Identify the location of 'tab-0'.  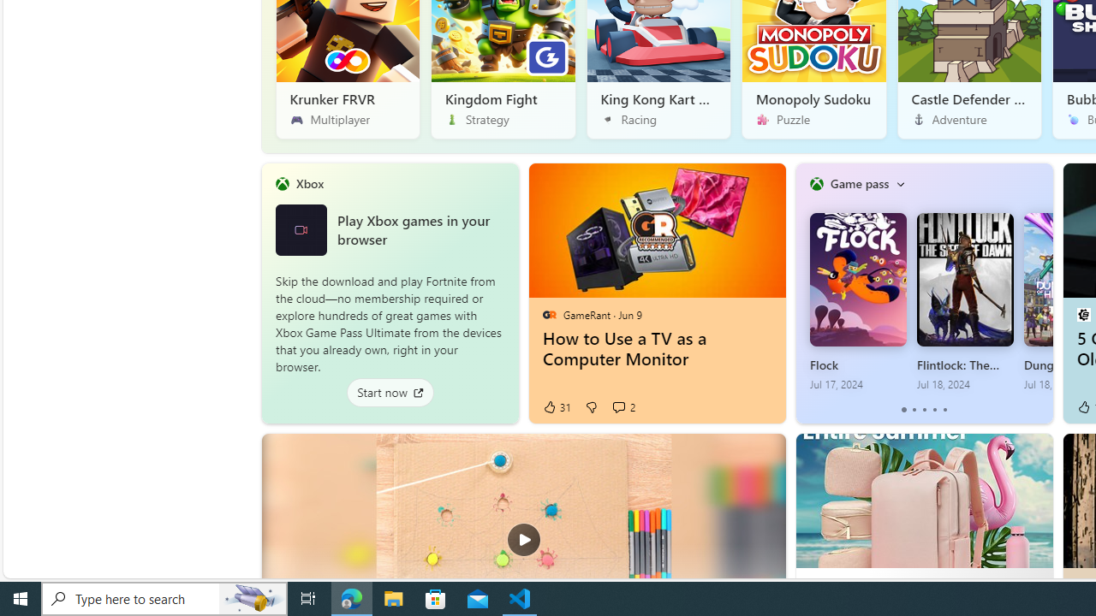
(903, 410).